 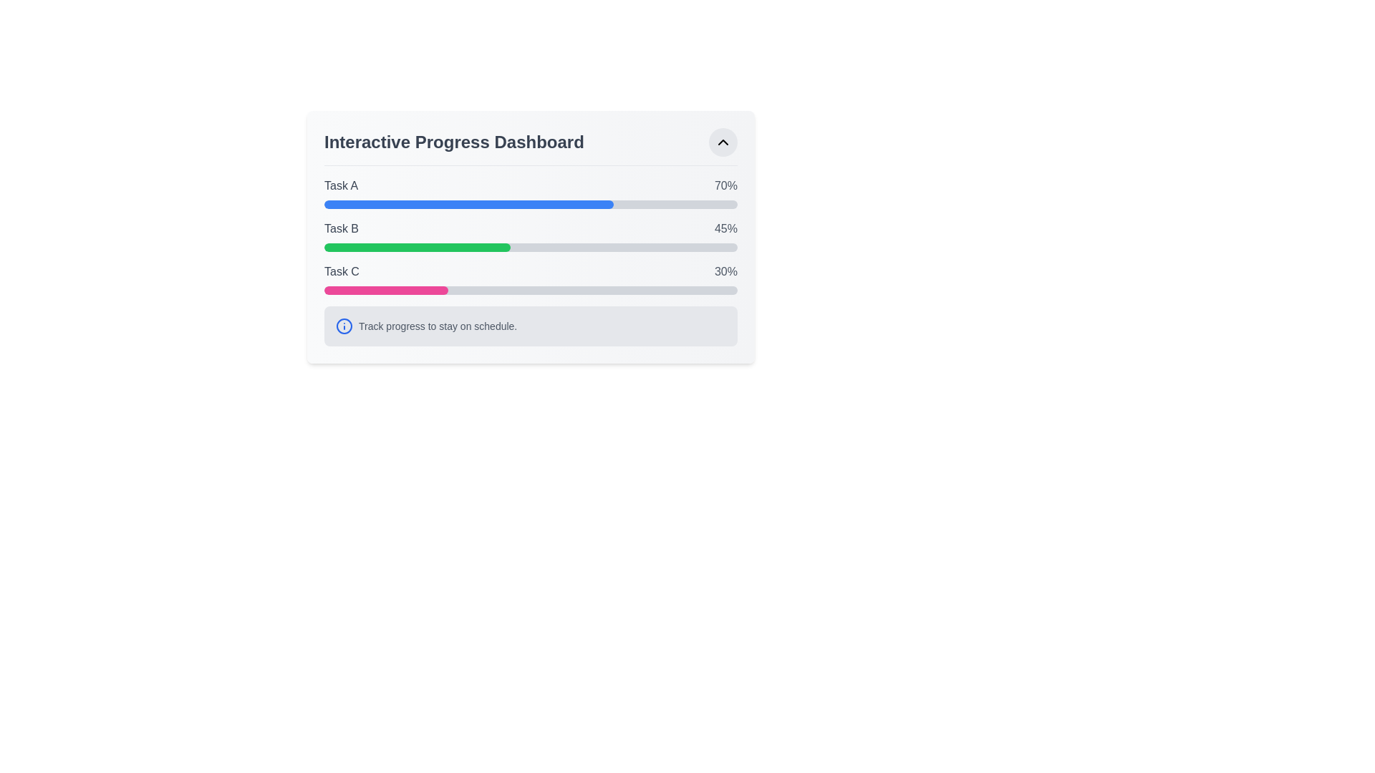 I want to click on the green progress bar representing 45% completion for 'Task B', which is located inside a gray horizontal track, so click(x=416, y=247).